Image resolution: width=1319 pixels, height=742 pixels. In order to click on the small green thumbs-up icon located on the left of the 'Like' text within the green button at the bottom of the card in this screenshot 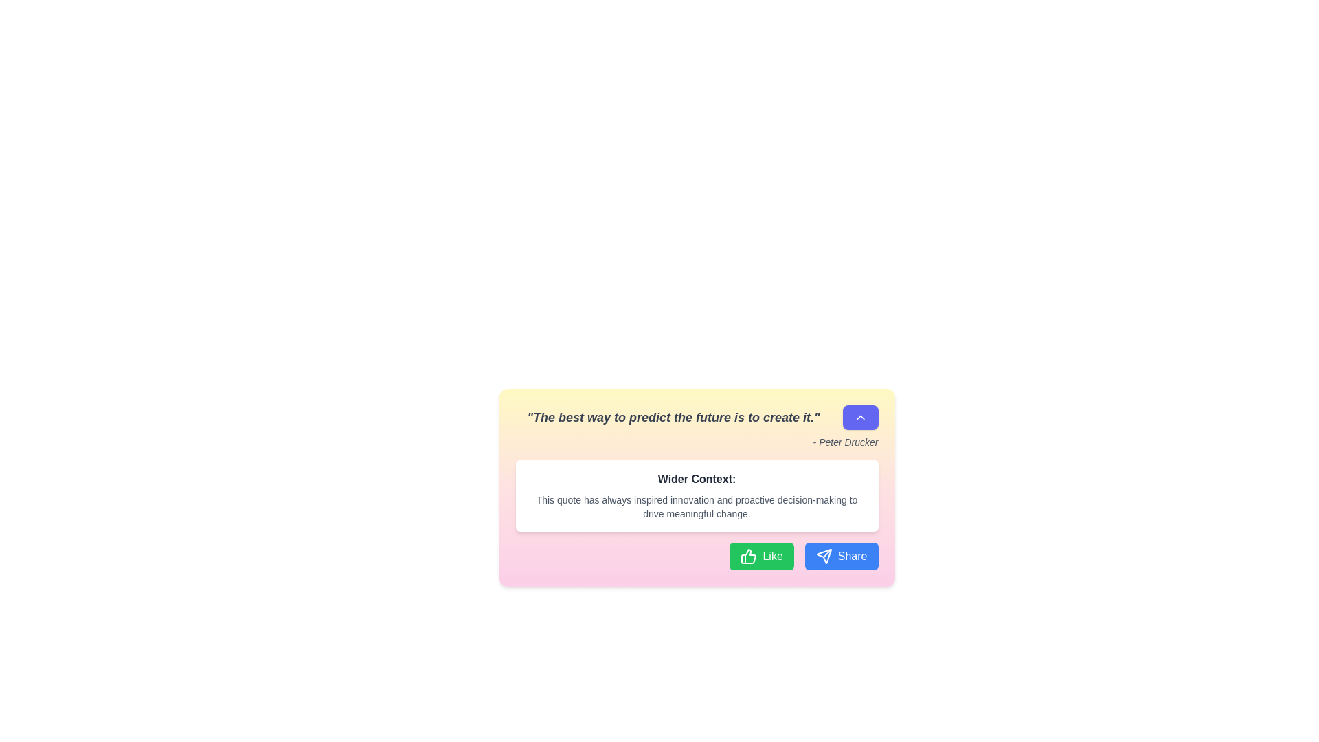, I will do `click(748, 556)`.